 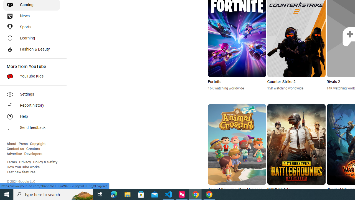 I want to click on 'Learning', so click(x=31, y=38).